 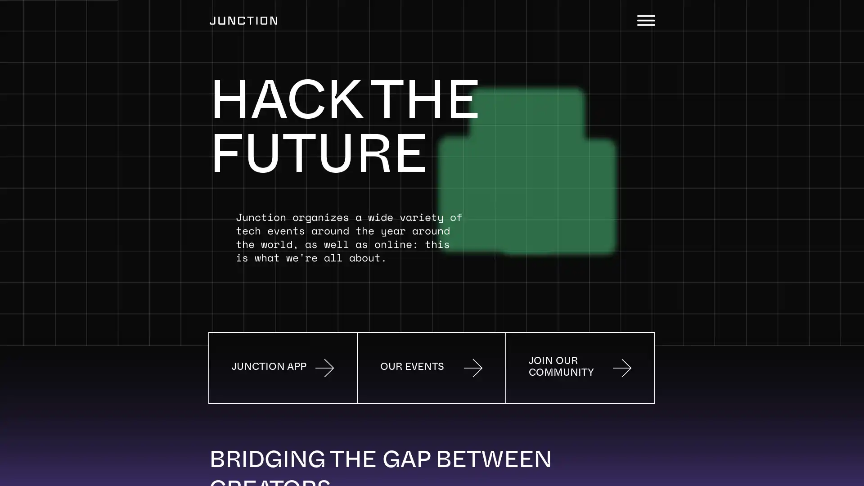 I want to click on Open menu, so click(x=645, y=20).